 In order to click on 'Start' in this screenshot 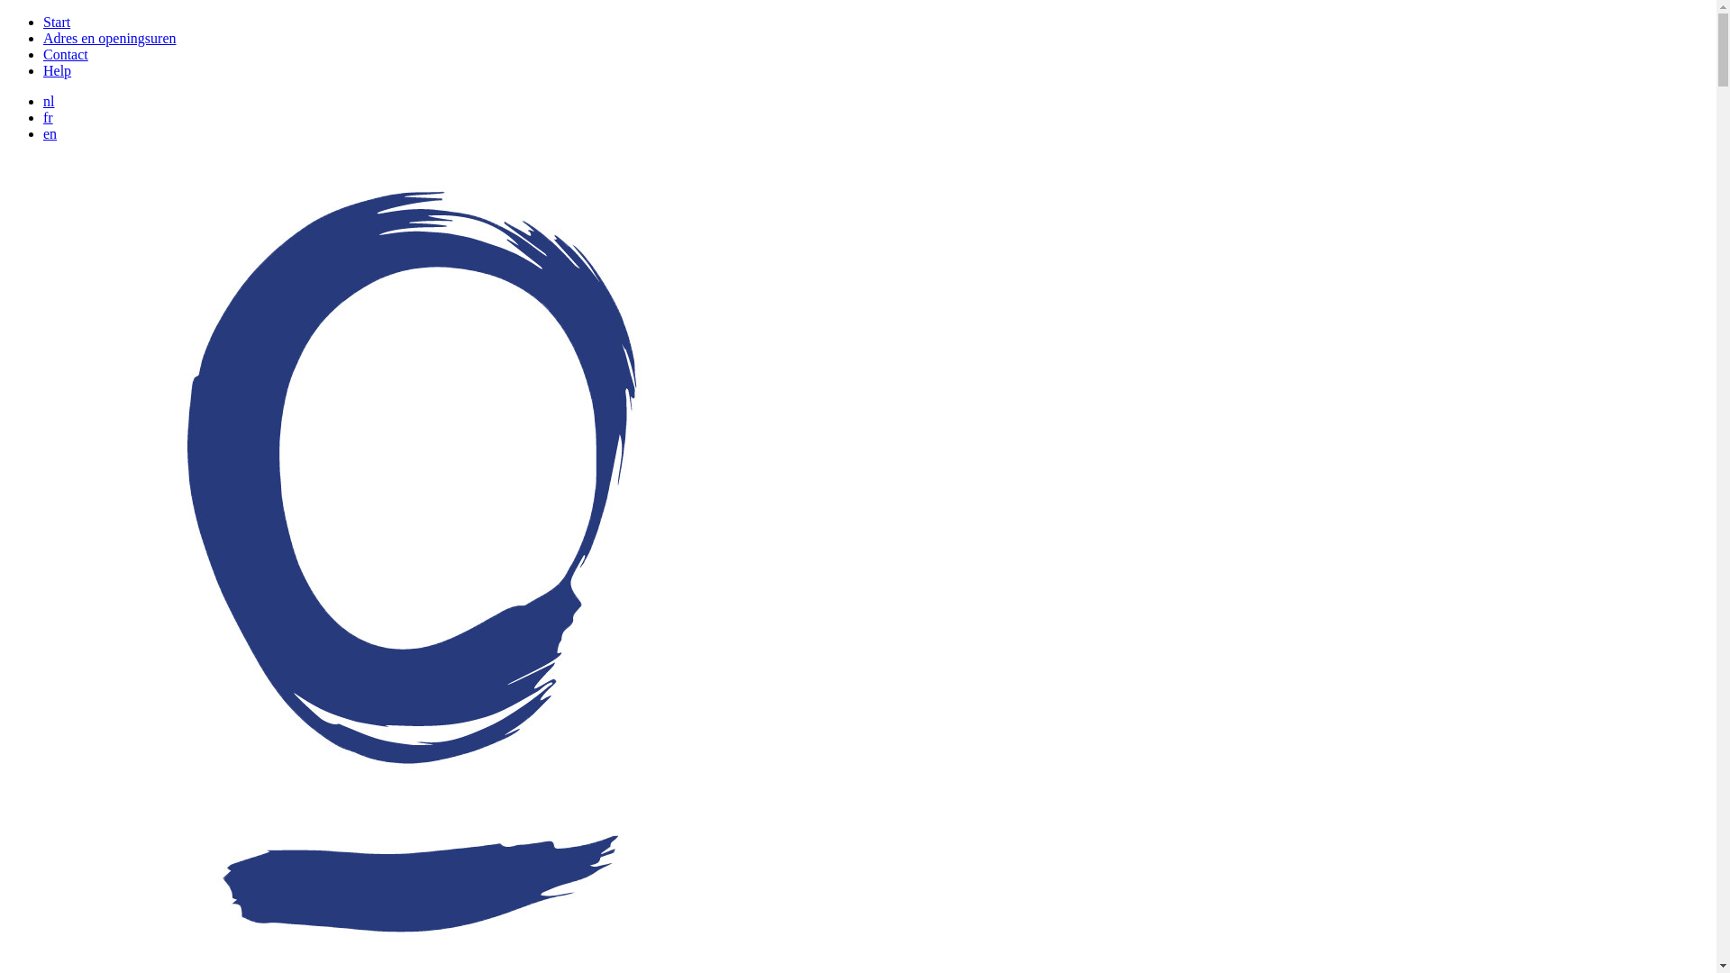, I will do `click(43, 22)`.